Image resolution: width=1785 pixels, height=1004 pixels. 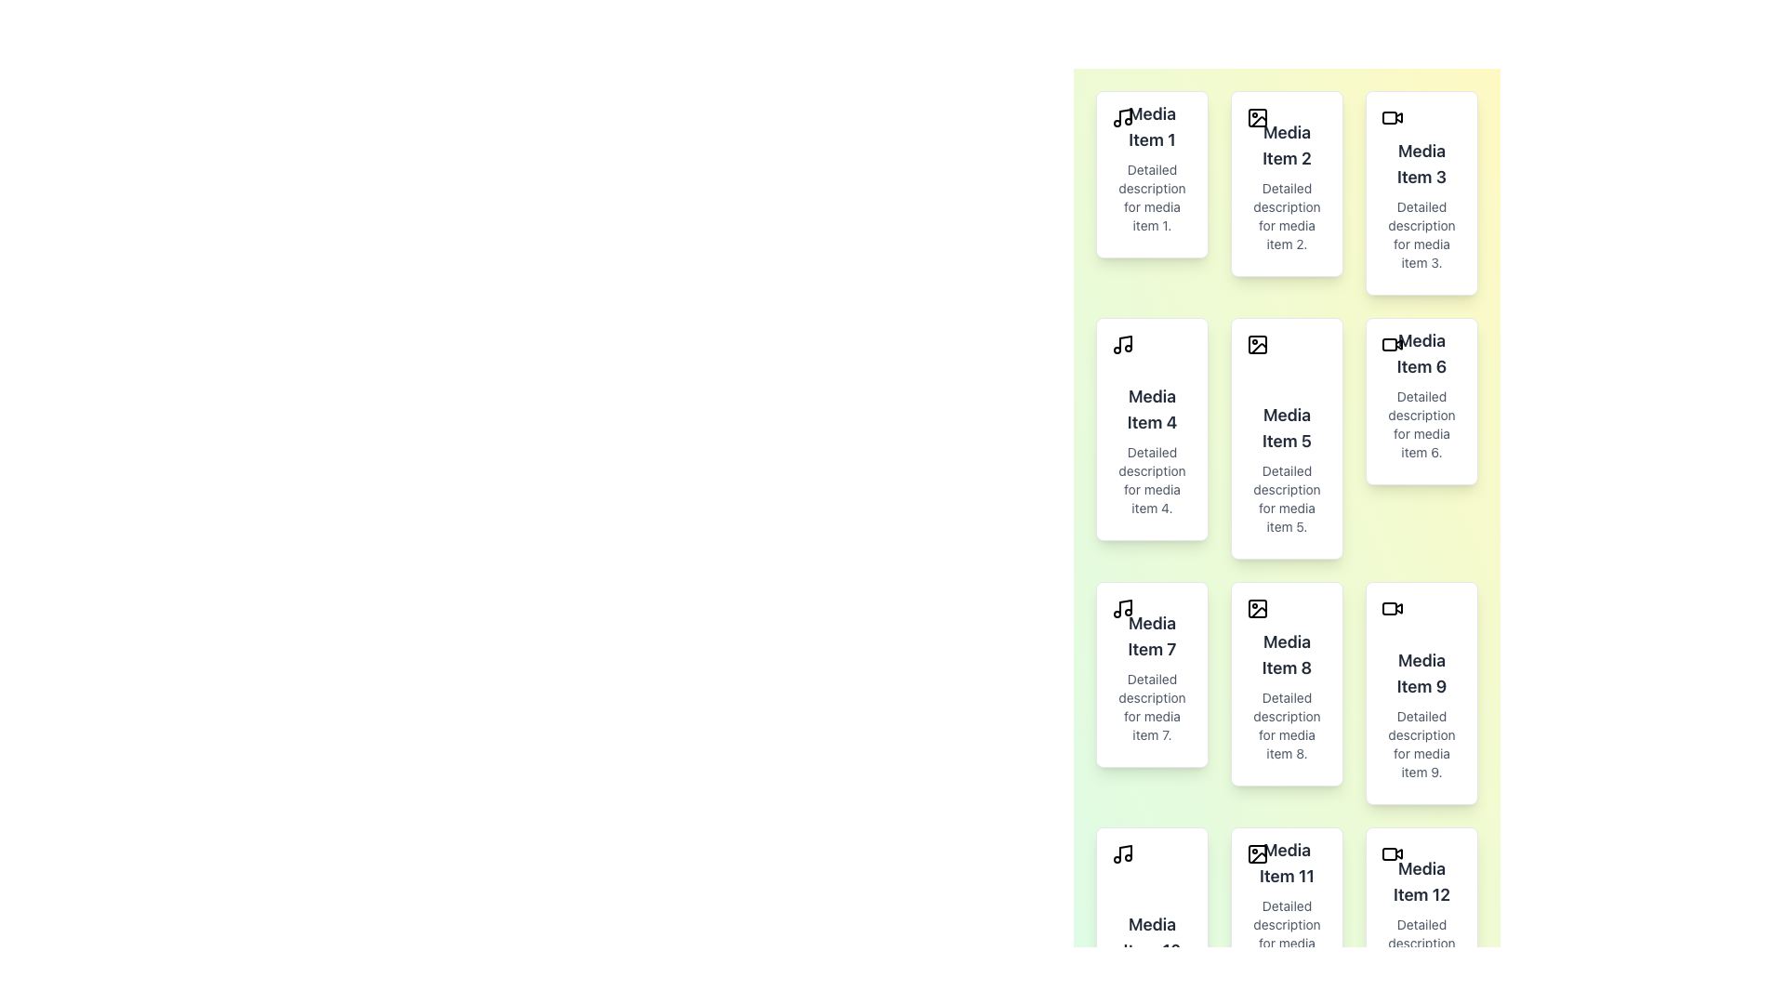 What do you see at coordinates (1286, 864) in the screenshot?
I see `the text label or heading that serves as the title for the eleventh card in the vertical card layout` at bounding box center [1286, 864].